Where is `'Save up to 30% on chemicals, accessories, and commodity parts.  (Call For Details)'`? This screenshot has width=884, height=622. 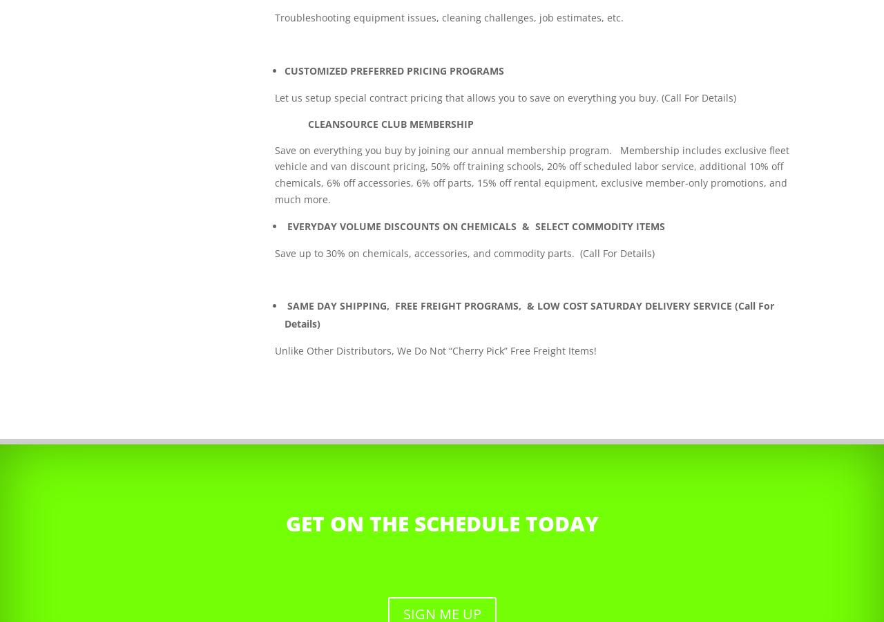 'Save up to 30% on chemicals, accessories, and commodity parts.  (Call For Details)' is located at coordinates (465, 252).